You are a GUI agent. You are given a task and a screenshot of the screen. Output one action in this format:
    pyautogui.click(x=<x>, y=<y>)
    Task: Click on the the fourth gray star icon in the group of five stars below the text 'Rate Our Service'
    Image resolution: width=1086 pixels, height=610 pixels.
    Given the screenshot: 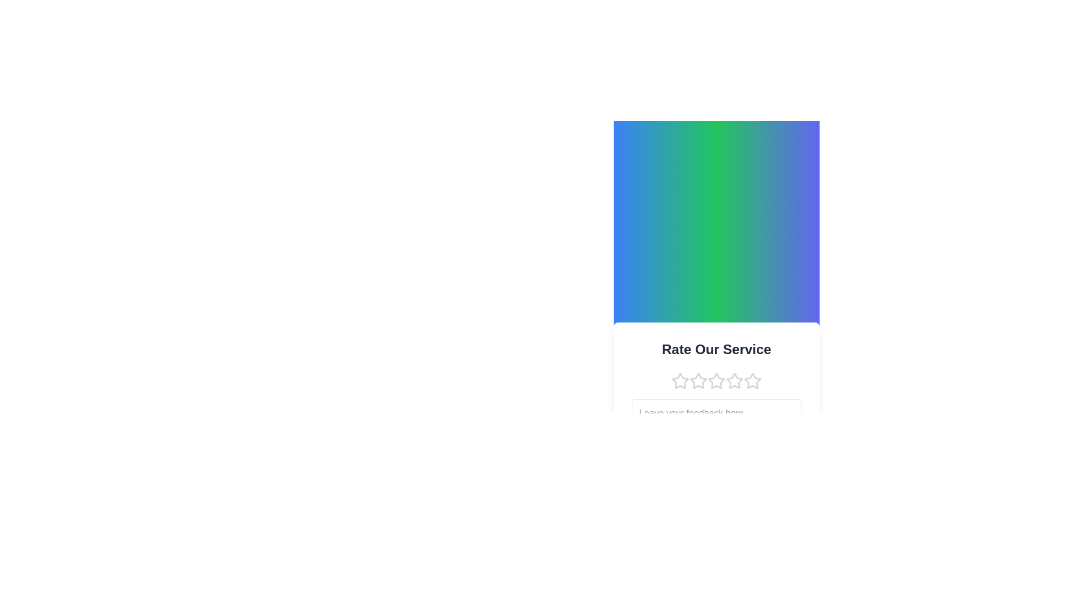 What is the action you would take?
    pyautogui.click(x=735, y=381)
    